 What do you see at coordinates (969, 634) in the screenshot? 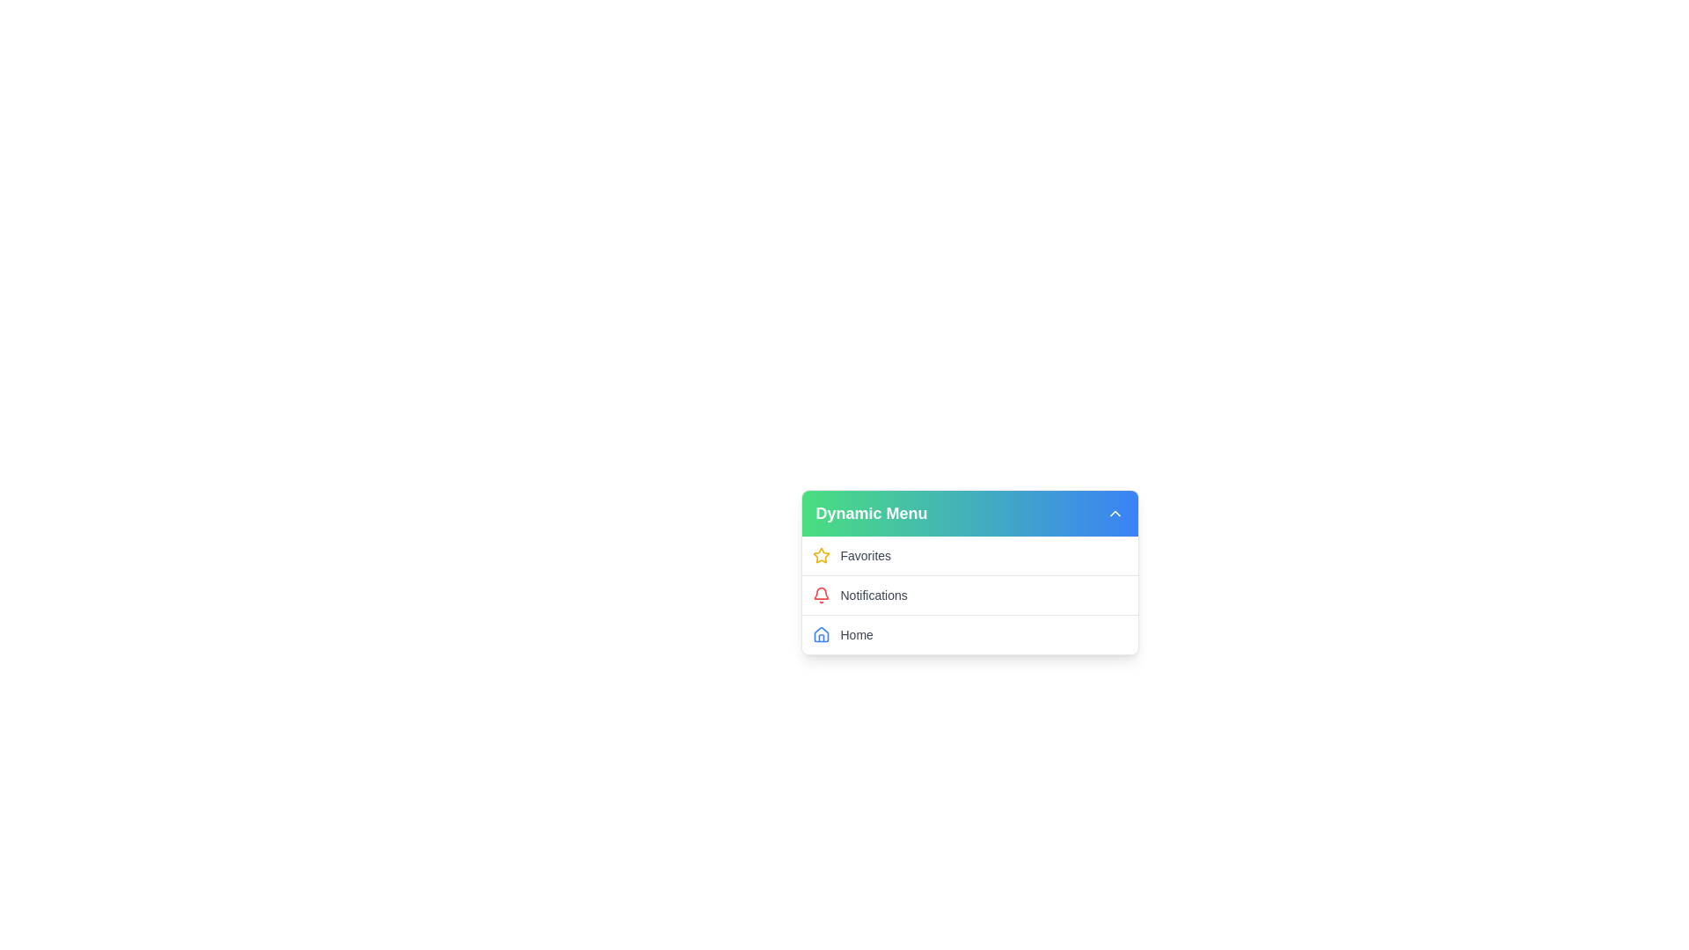
I see `the menu item Home to trigger its hover effect` at bounding box center [969, 634].